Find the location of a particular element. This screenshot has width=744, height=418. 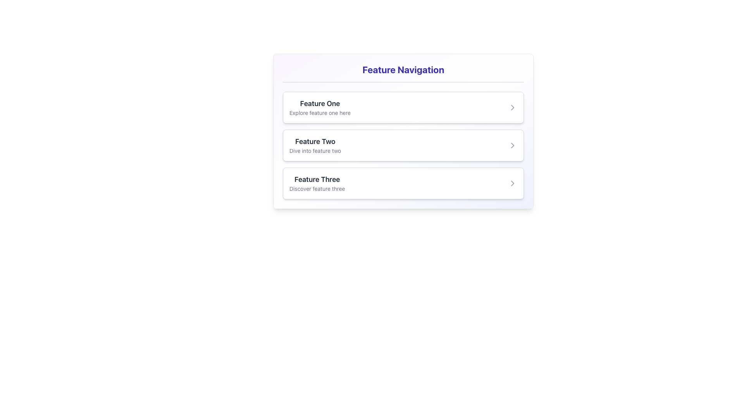

the 'Feature Navigation' text label, which is styled in a large bold blue font and serves as a header above the feature list is located at coordinates (403, 73).